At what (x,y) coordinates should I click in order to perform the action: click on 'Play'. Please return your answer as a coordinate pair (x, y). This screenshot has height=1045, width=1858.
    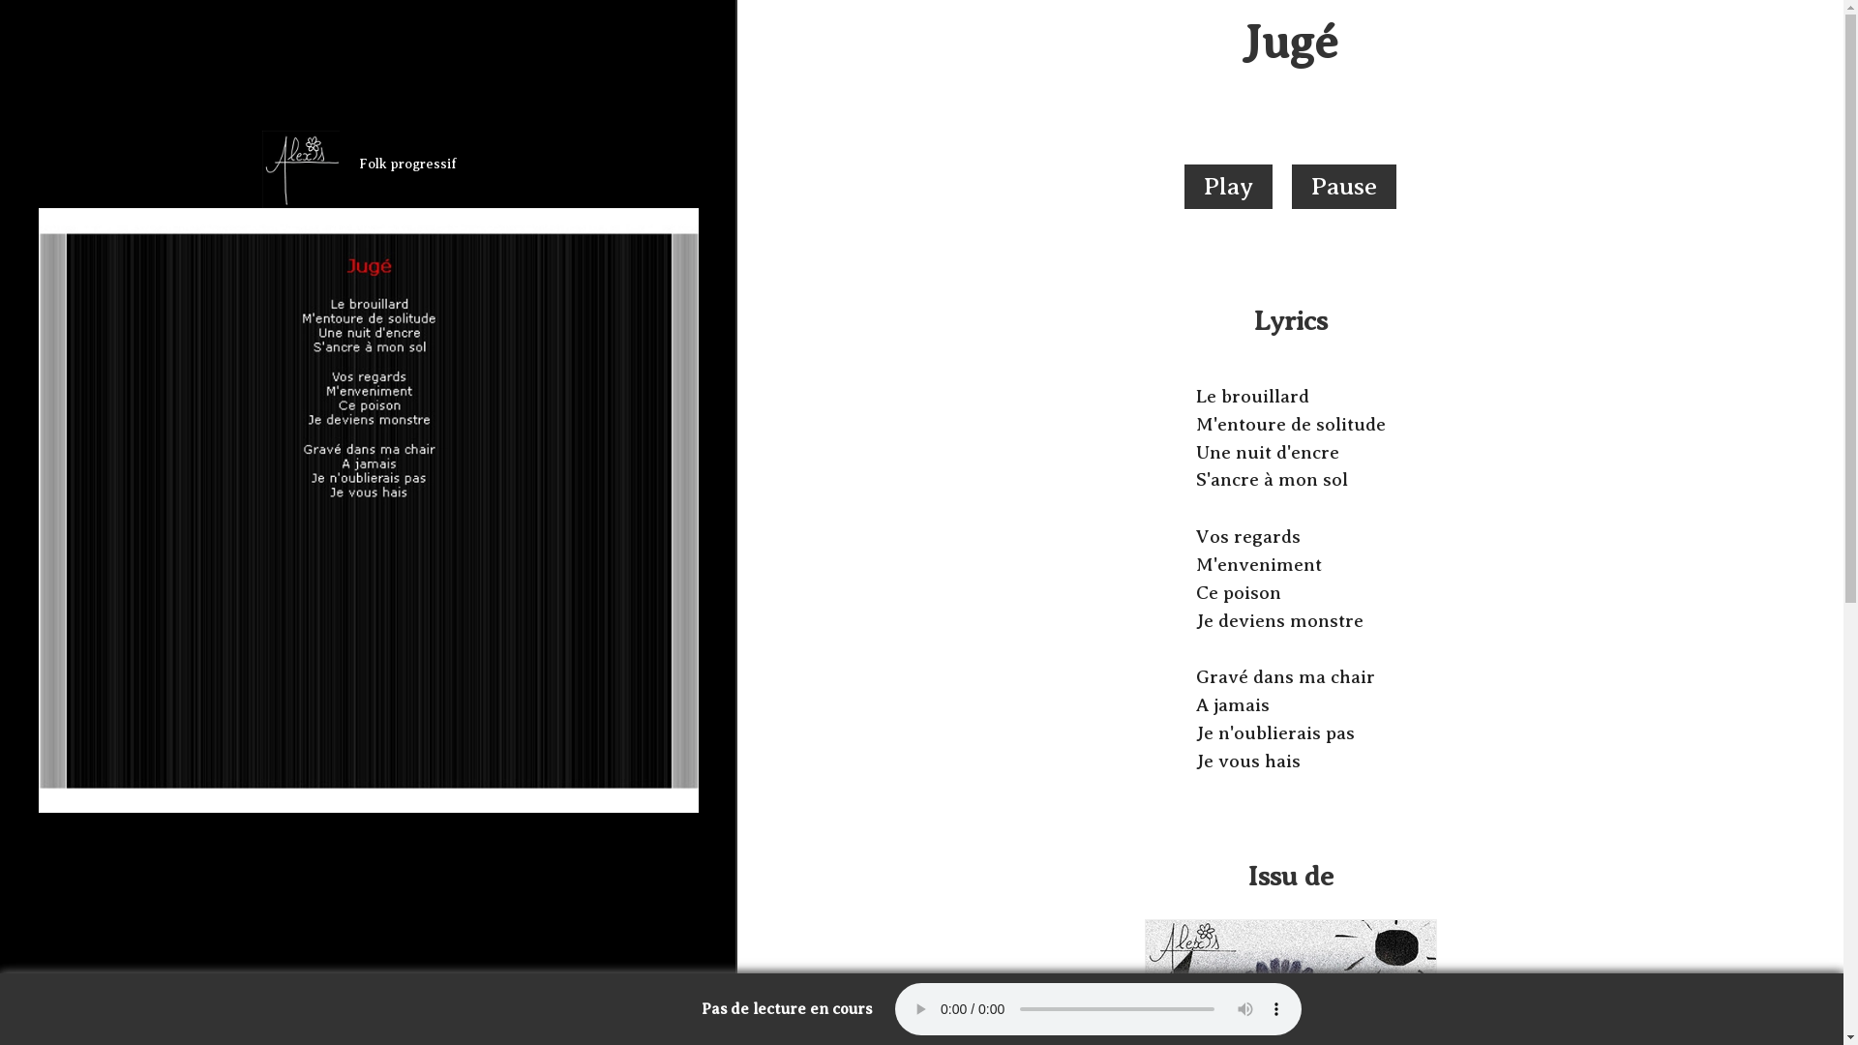
    Looking at the image, I should click on (1227, 186).